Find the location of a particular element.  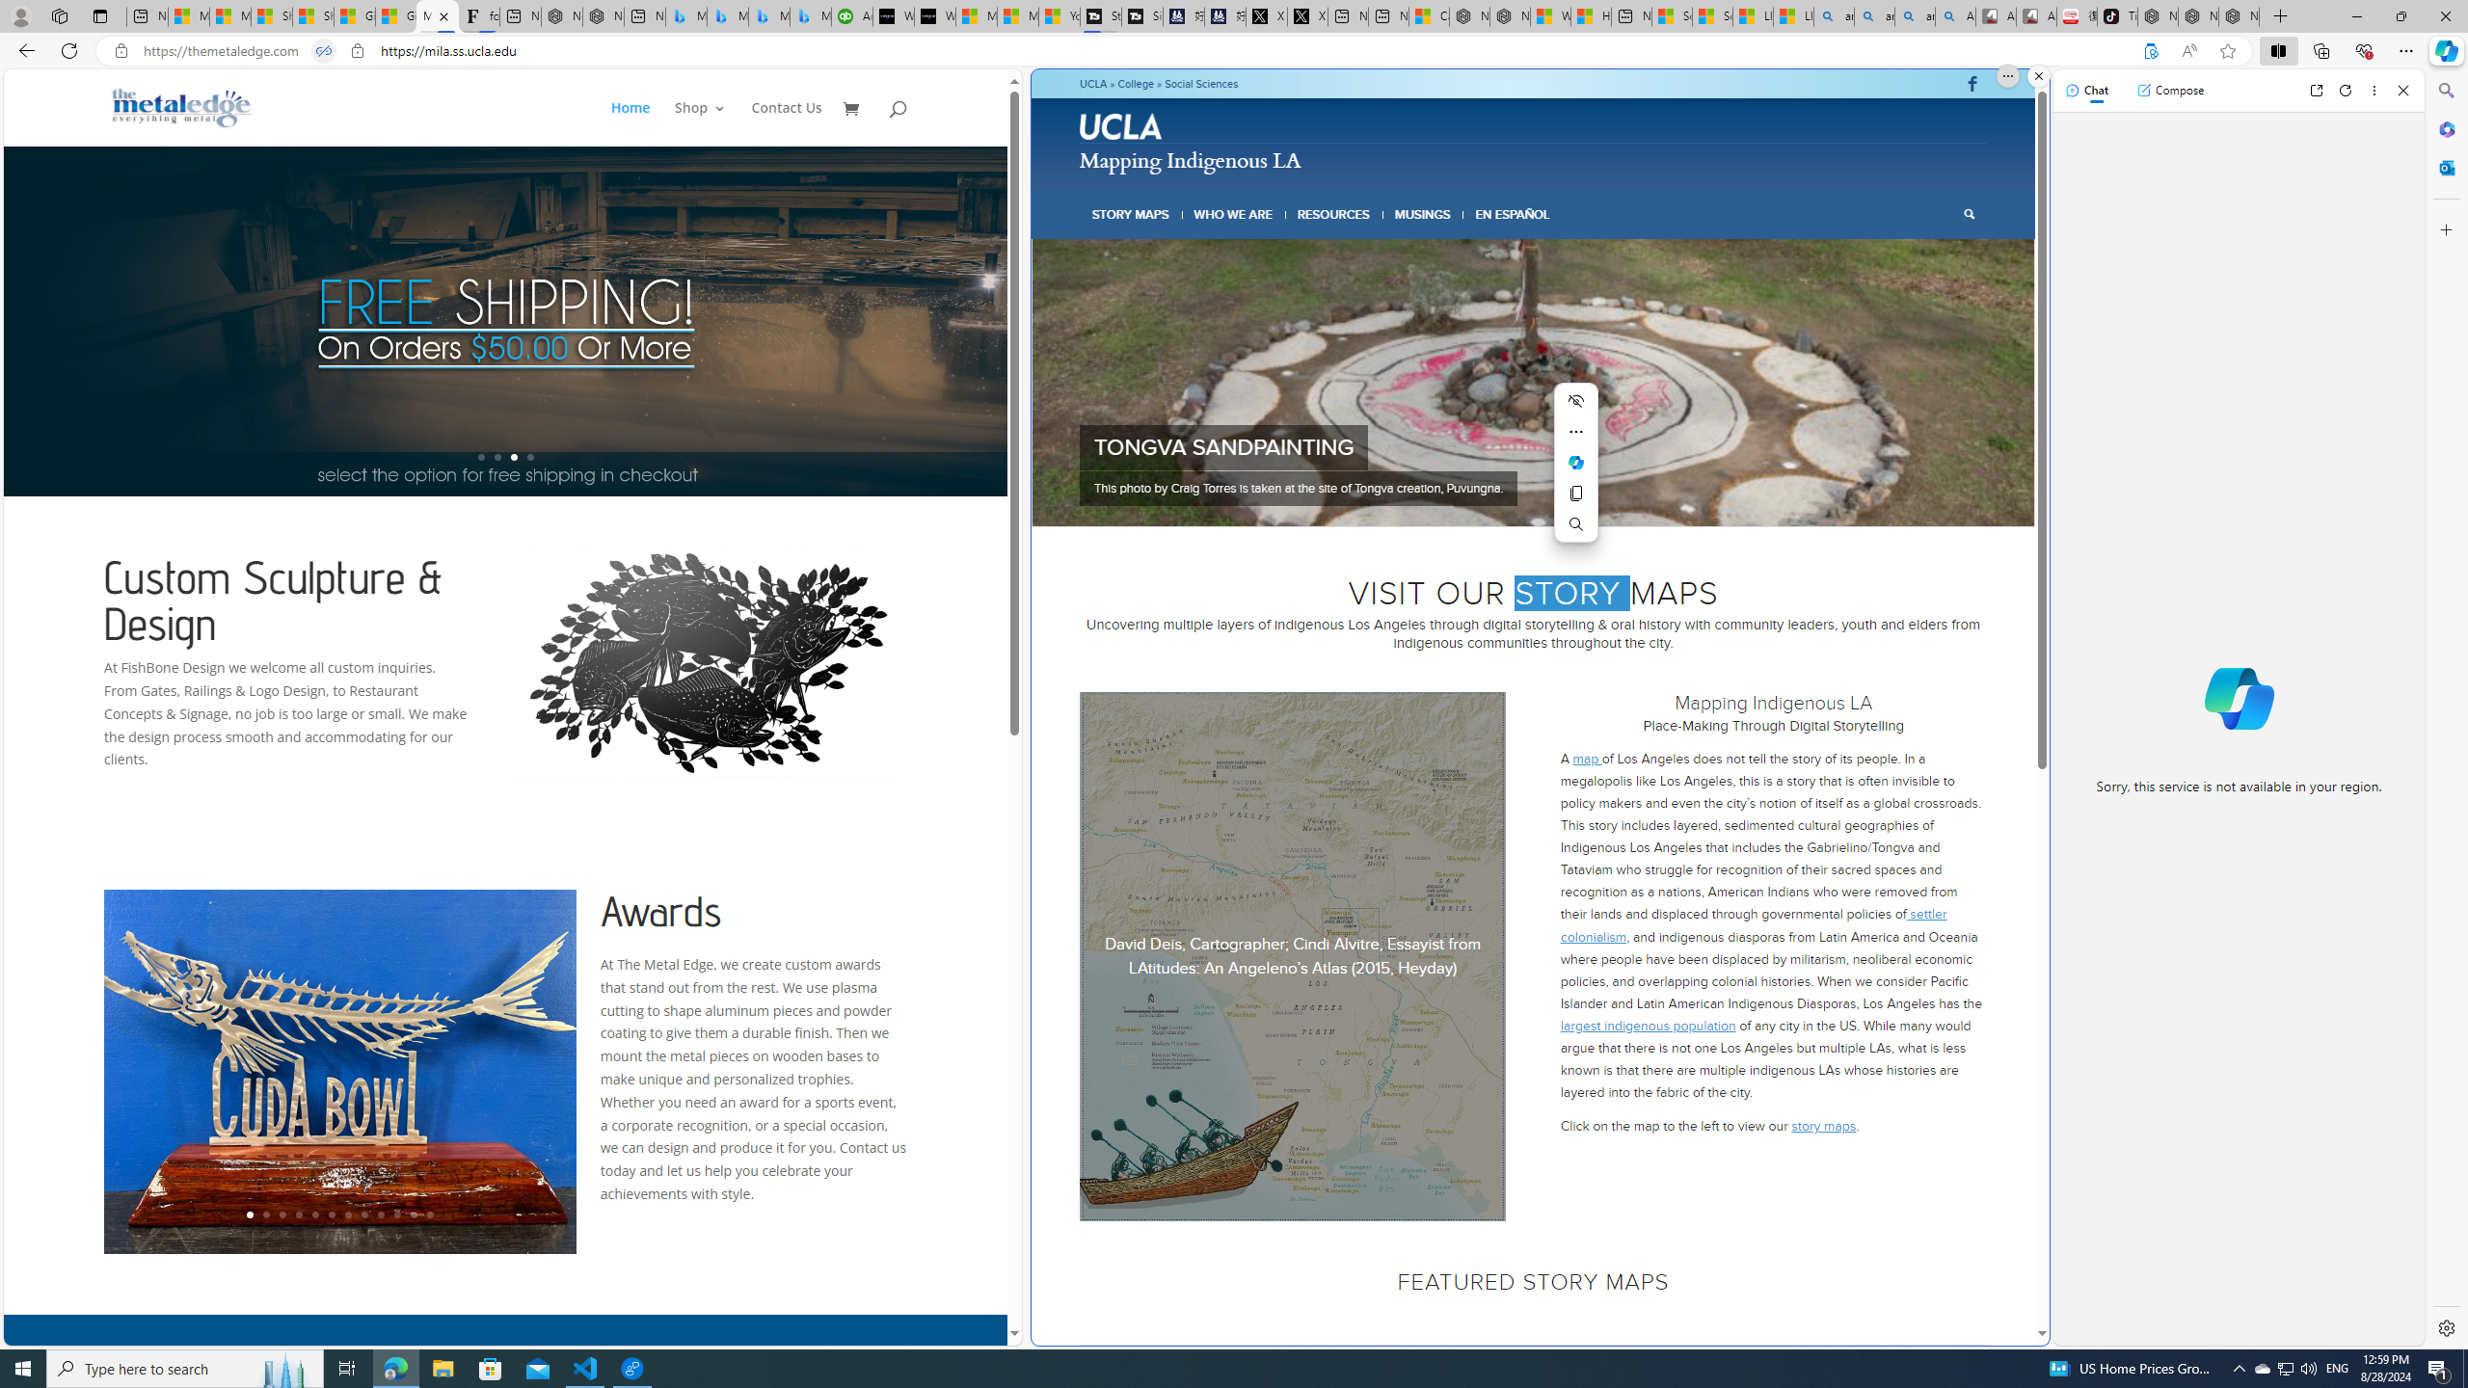

'Add this page to favorites (Ctrl+D)' is located at coordinates (2228, 51).